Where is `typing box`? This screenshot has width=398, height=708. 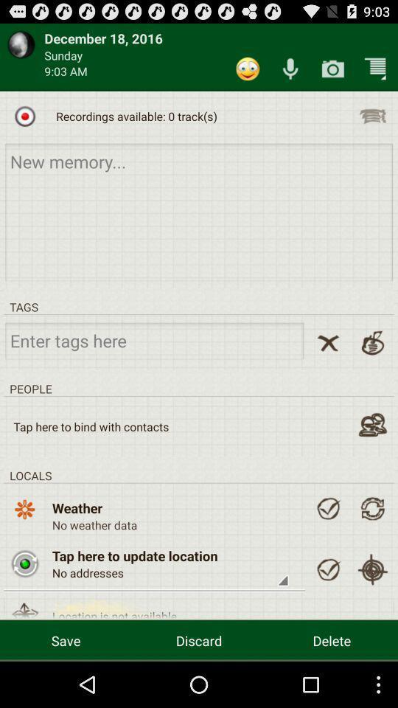 typing box is located at coordinates (199, 211).